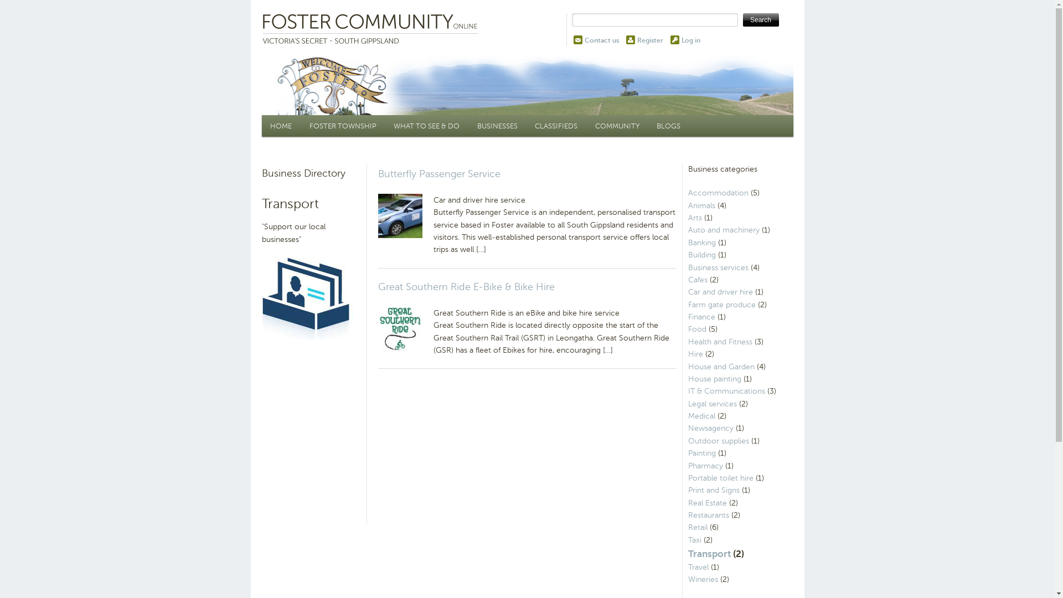 The height and width of the screenshot is (598, 1063). What do you see at coordinates (694, 218) in the screenshot?
I see `'Arts'` at bounding box center [694, 218].